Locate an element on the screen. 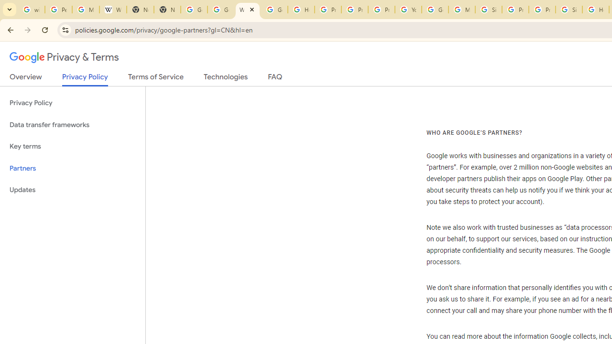  'New Tab' is located at coordinates (140, 10).